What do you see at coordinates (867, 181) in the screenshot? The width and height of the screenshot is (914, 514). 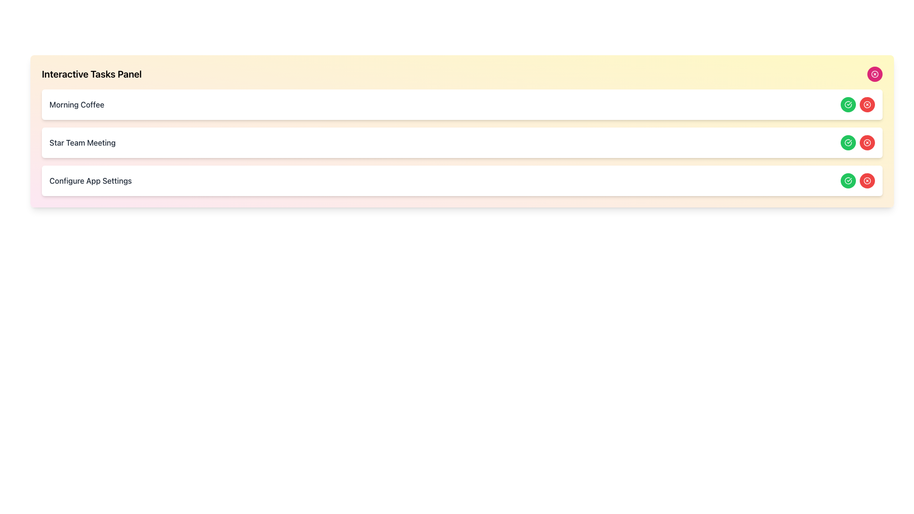 I see `the 'cancel' button for the 'Configure App Settings' task` at bounding box center [867, 181].